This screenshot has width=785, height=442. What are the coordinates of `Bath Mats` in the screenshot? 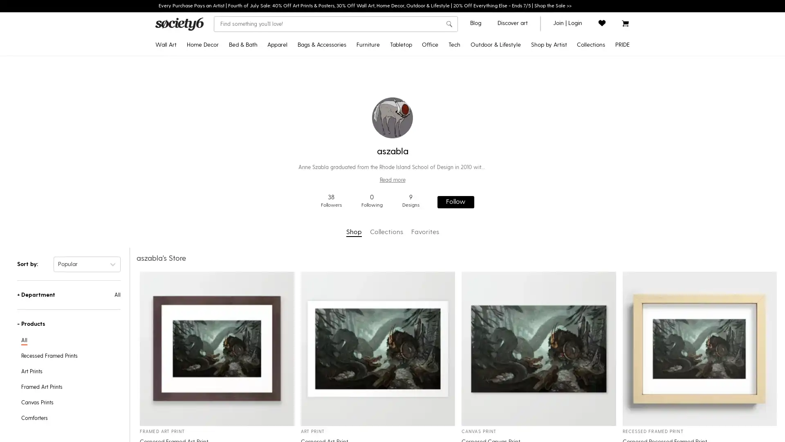 It's located at (260, 118).